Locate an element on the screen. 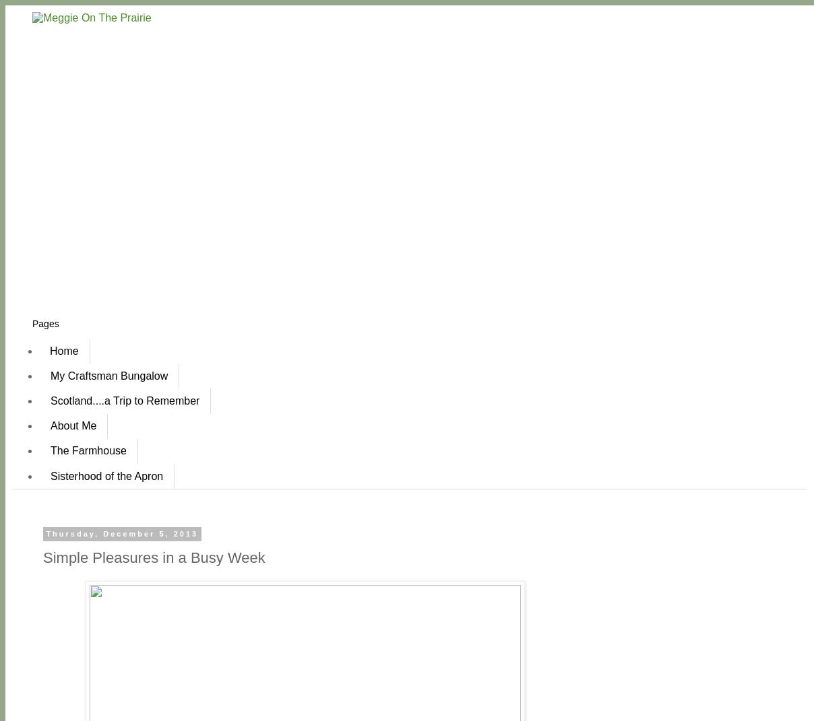  'My Craftsman Bungalow' is located at coordinates (108, 375).